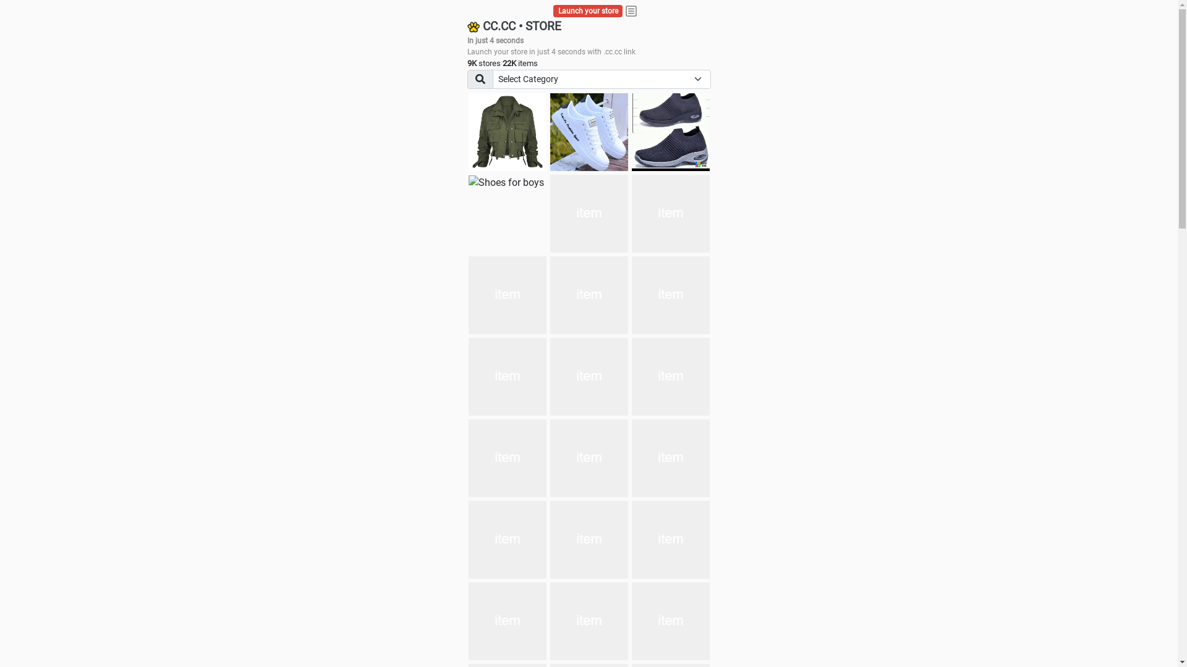  What do you see at coordinates (589, 213) in the screenshot?
I see `'Things we need'` at bounding box center [589, 213].